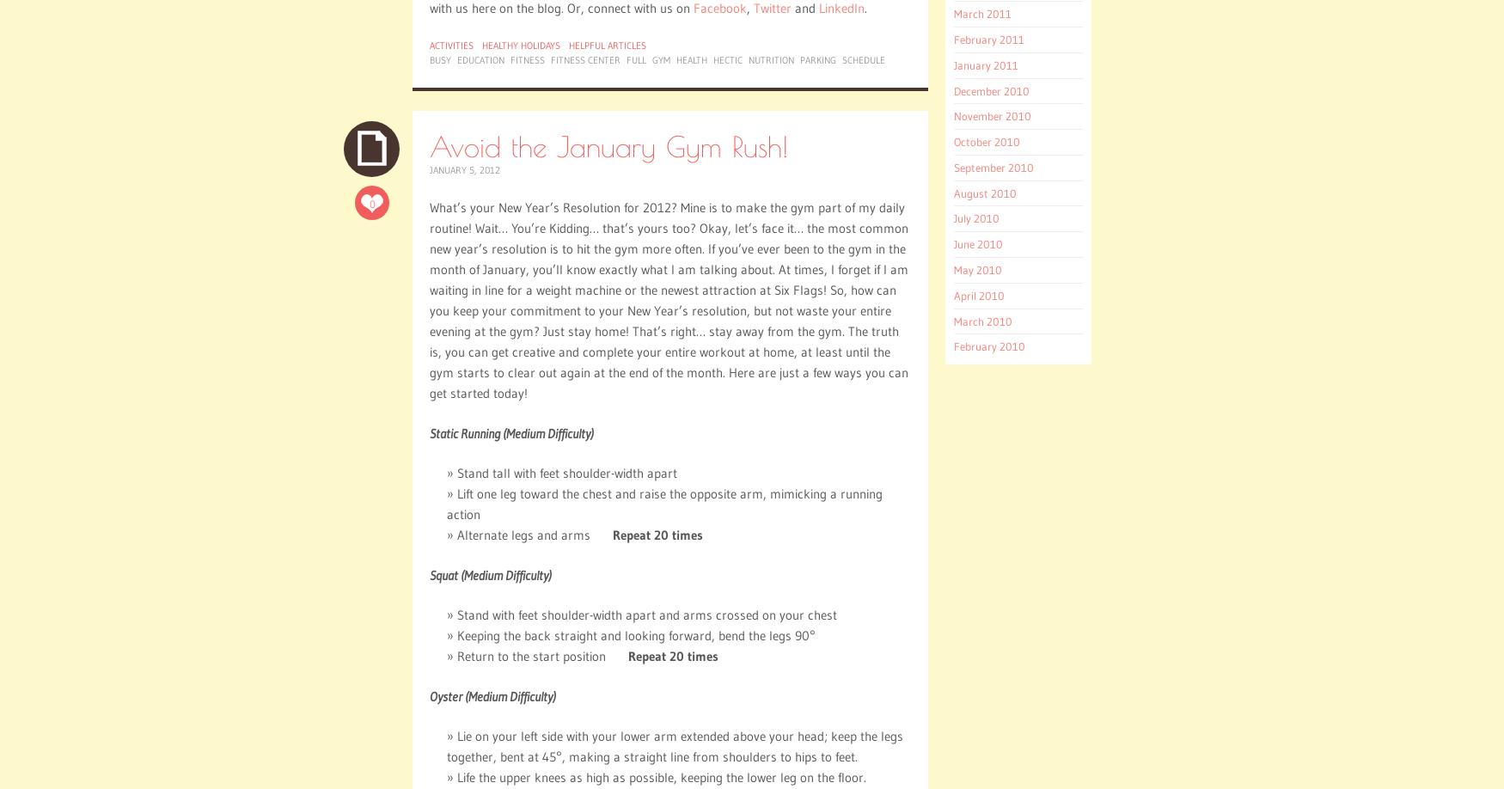  I want to click on 'What’s your New Year’s Resolution for 2012? Mine is to make the gym part of my daily routine! Wait… You’re Kidding… that’s yours too? Okay, let’s face it… the most common new year’s resolution is to hit the gym more often. If you’ve ever been to the gym in the month of January, you’ll know exactly what I am talking about. At times, I forget if I am waiting in line for a weight machine or the newest attraction at Six Flags! So, how can you keep your commitment to your New Year’s resolution, but not waste your entire evening at the gym? Just stay home! That’s right… stay away from the gym. The truth is, you can get creative and complete your entire workout at home, at least until the gym starts to clear out again at the end of the month. Here are just a few ways you can get started today!', so click(668, 300).